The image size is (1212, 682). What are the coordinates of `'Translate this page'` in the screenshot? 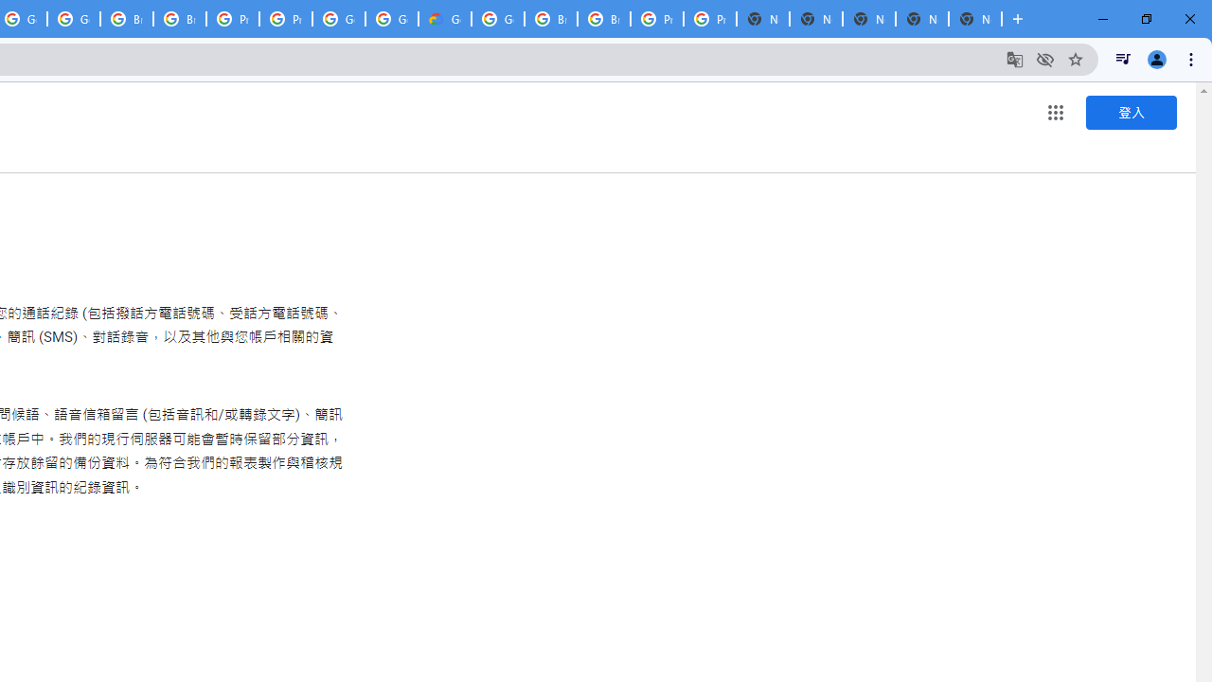 It's located at (1014, 58).